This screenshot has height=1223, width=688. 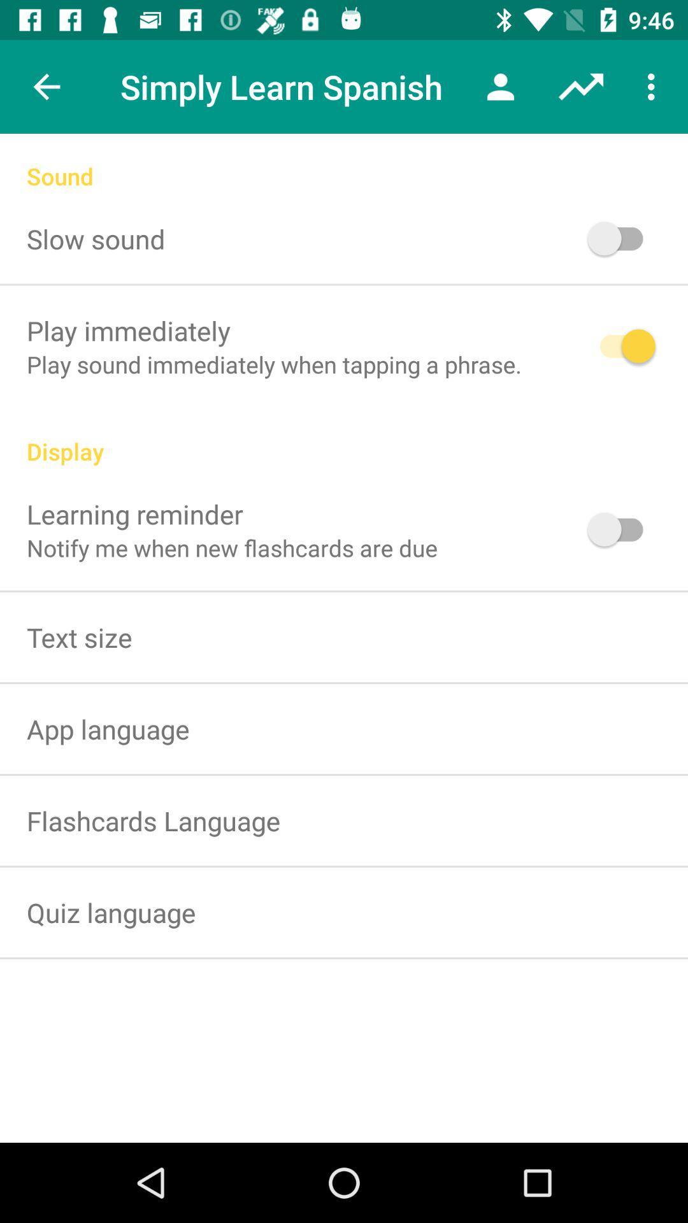 What do you see at coordinates (232, 548) in the screenshot?
I see `notify me when icon` at bounding box center [232, 548].